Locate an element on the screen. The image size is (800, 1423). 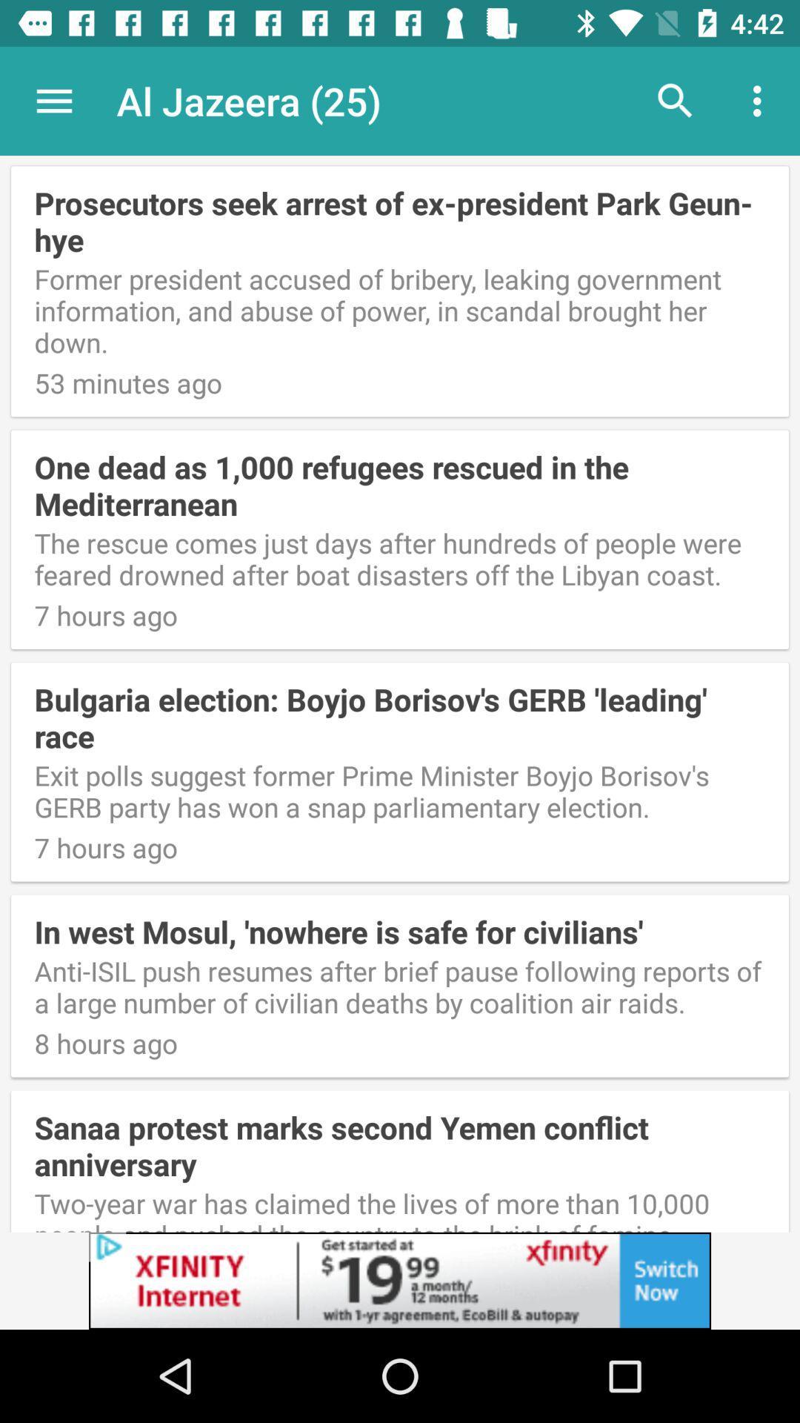
click for advertisement is located at coordinates (400, 1280).